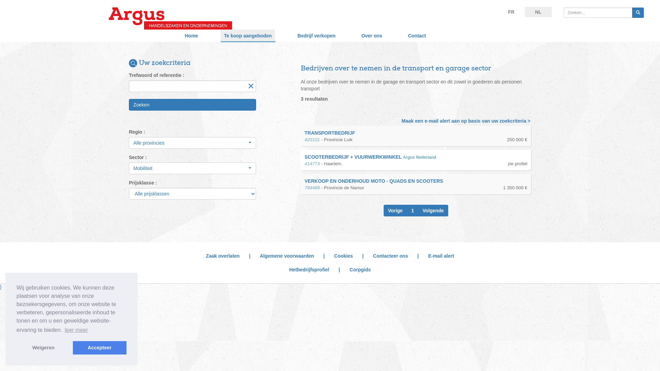 The image size is (660, 371). Describe the element at coordinates (441, 256) in the screenshot. I see `'E-mail alert'` at that location.